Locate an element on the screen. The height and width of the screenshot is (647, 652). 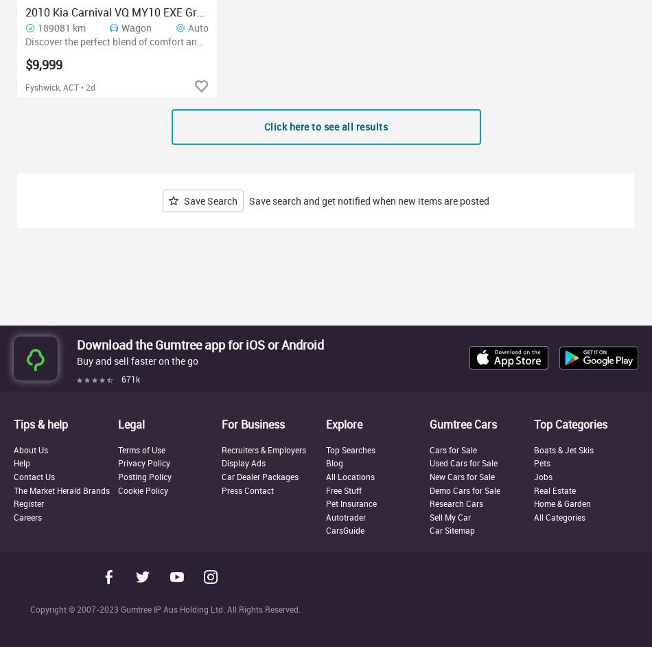
'About Us' is located at coordinates (31, 449).